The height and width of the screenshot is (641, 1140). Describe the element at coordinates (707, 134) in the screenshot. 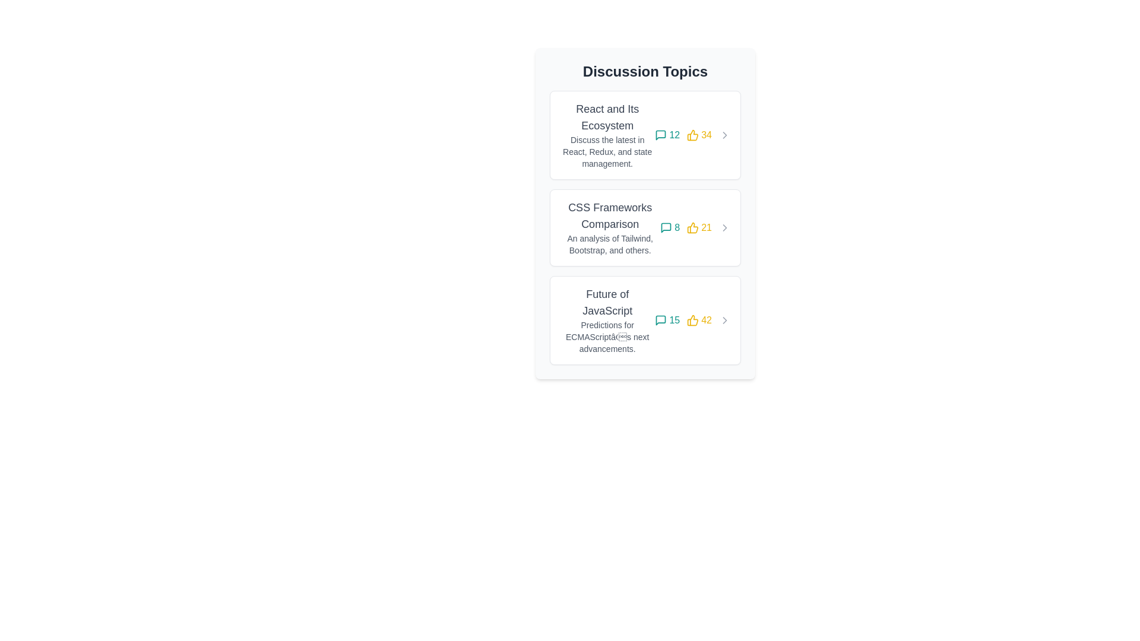

I see `the text label indicating numerical count for likes or votes located in the top-right portion of the first discussion card, next to the thumbs-up icon` at that location.